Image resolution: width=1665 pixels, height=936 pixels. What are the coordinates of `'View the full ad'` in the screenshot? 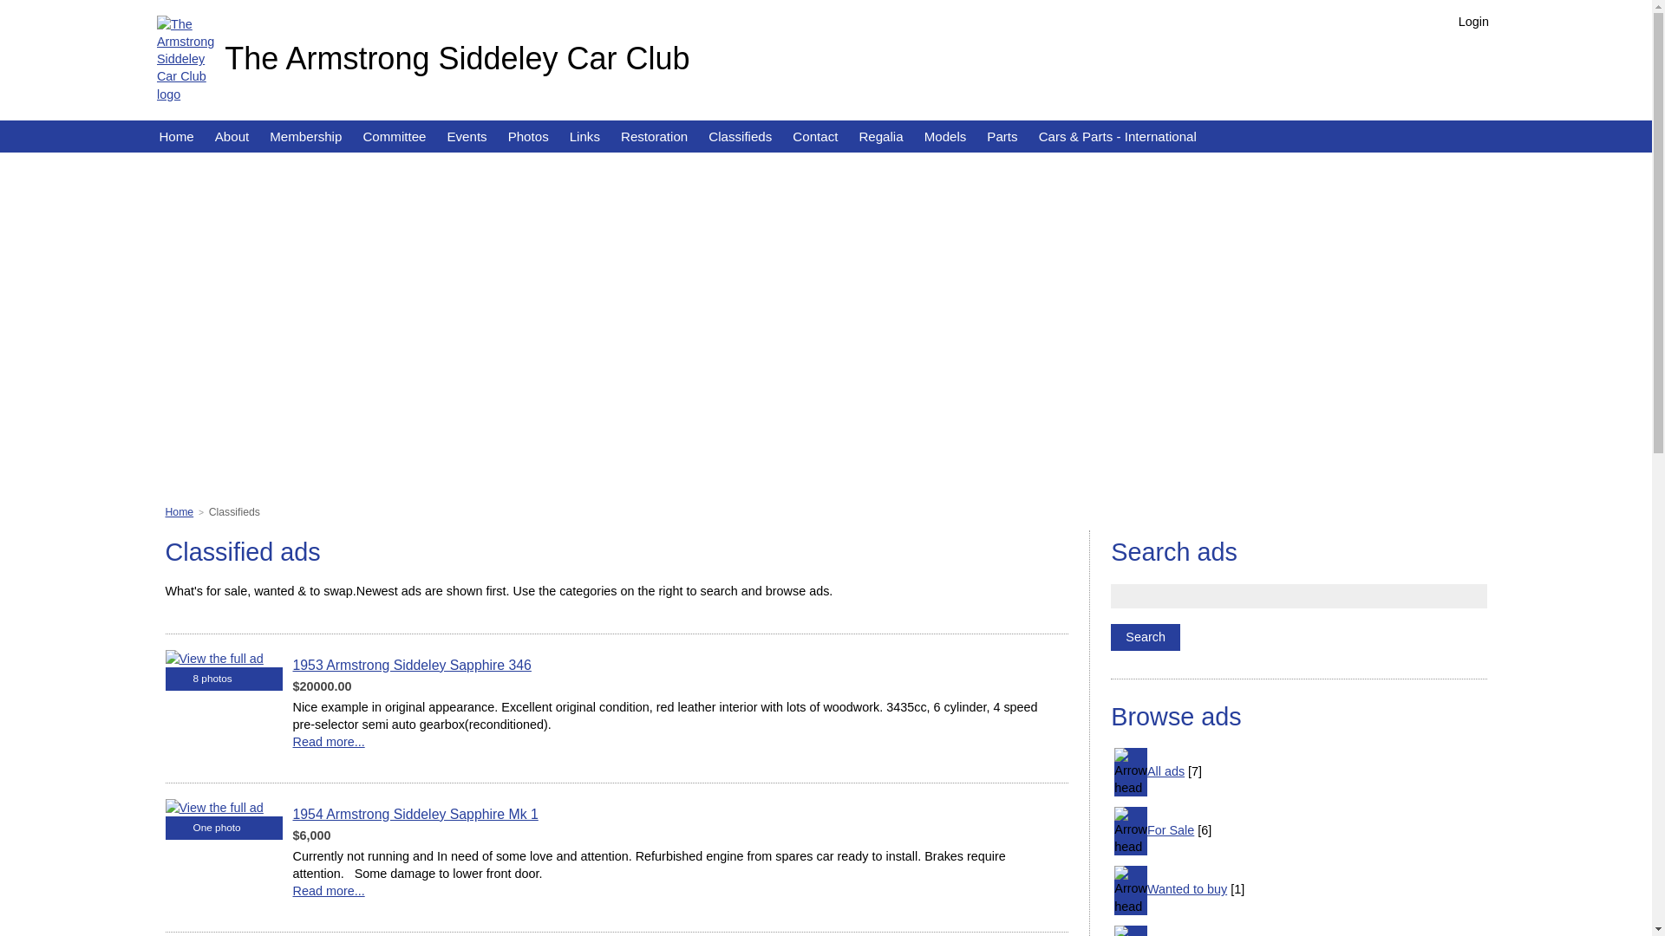 It's located at (212, 808).